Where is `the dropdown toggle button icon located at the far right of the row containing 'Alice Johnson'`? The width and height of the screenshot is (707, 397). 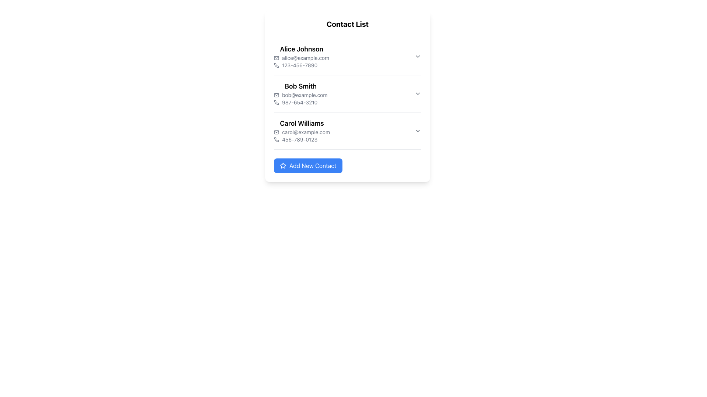
the dropdown toggle button icon located at the far right of the row containing 'Alice Johnson' is located at coordinates (418, 56).